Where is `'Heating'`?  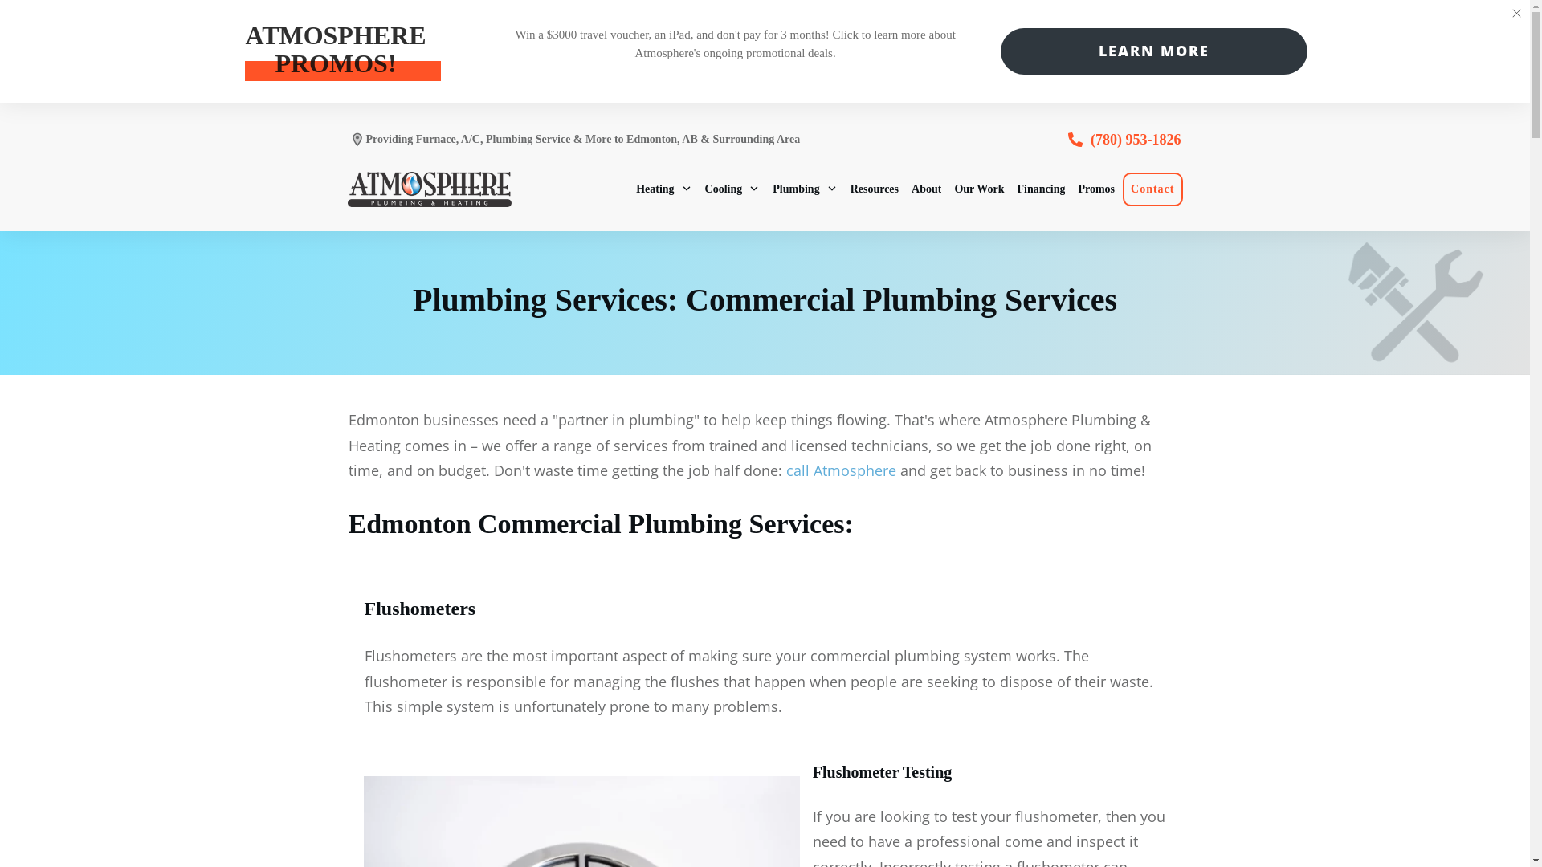
'Heating' is located at coordinates (663, 188).